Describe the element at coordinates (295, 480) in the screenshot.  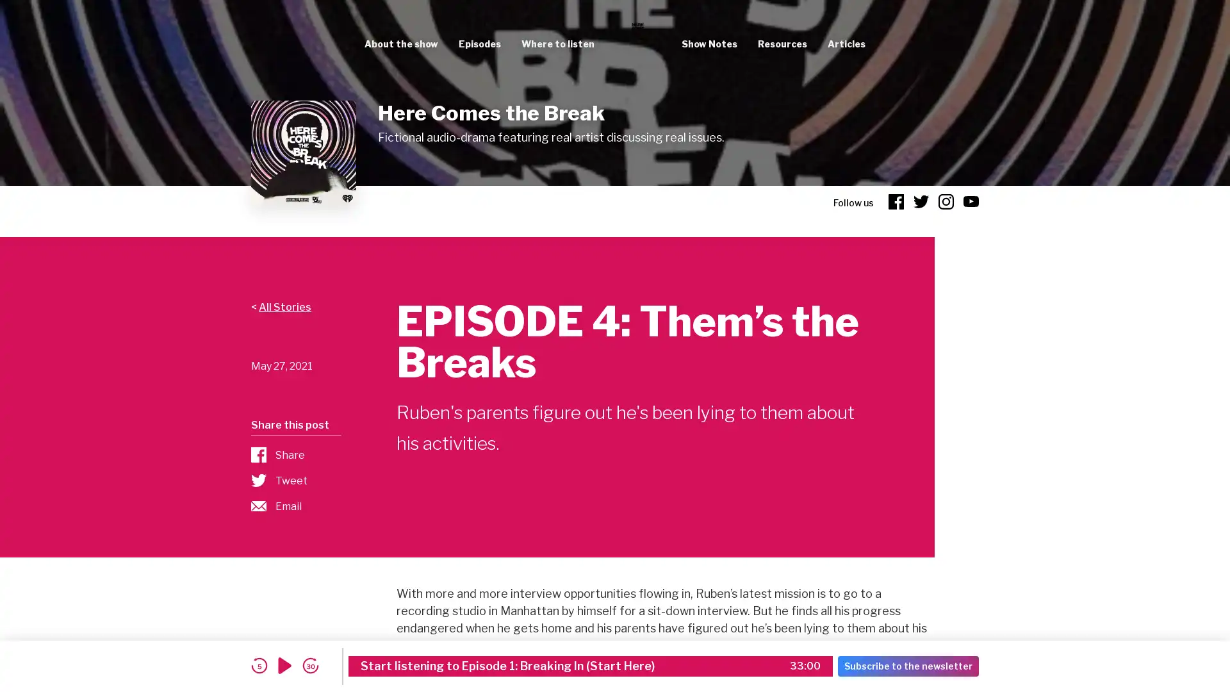
I see `Twitter Tweet` at that location.